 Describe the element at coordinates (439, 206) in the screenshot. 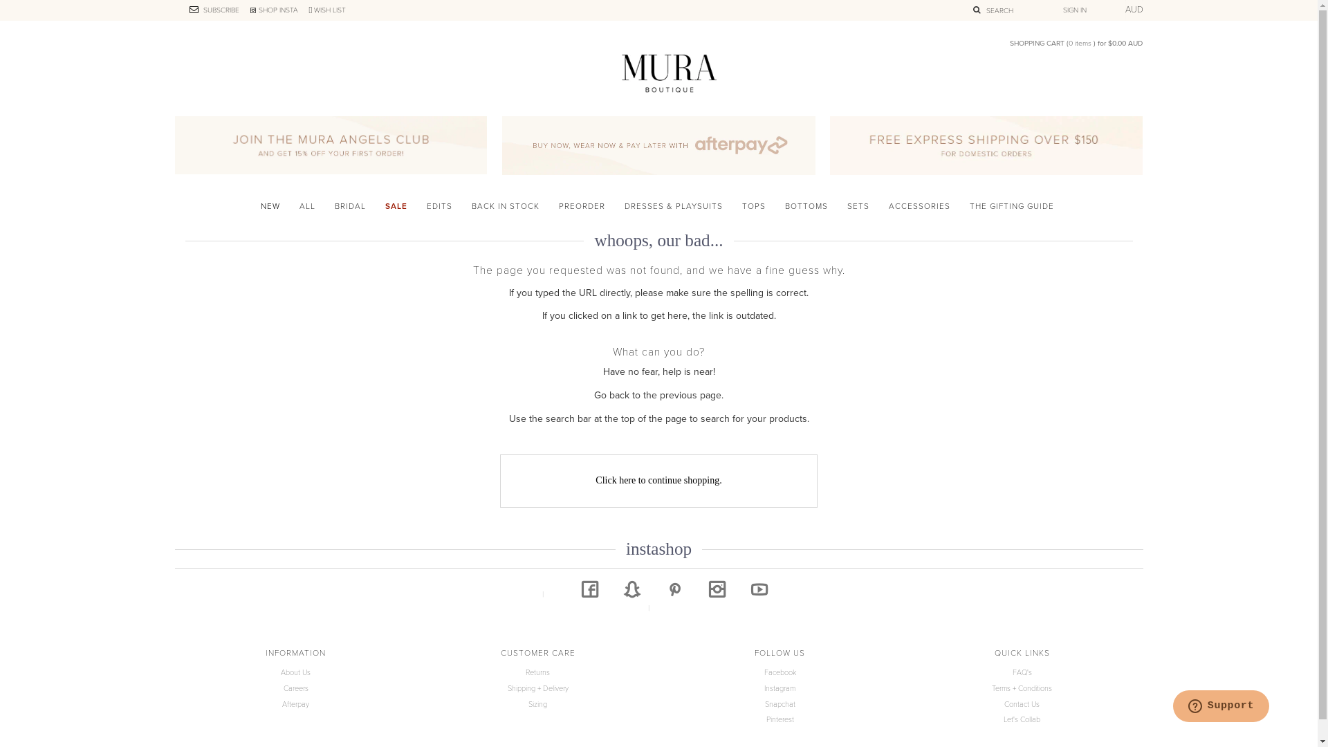

I see `'EDITS'` at that location.